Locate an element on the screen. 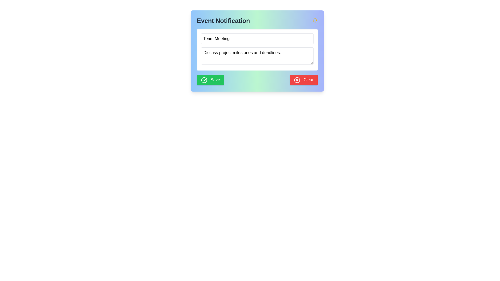 The image size is (500, 281). on the text input box with rounded corners and a white background containing the text 'Discuss project milestones and deadlines.' is located at coordinates (257, 56).